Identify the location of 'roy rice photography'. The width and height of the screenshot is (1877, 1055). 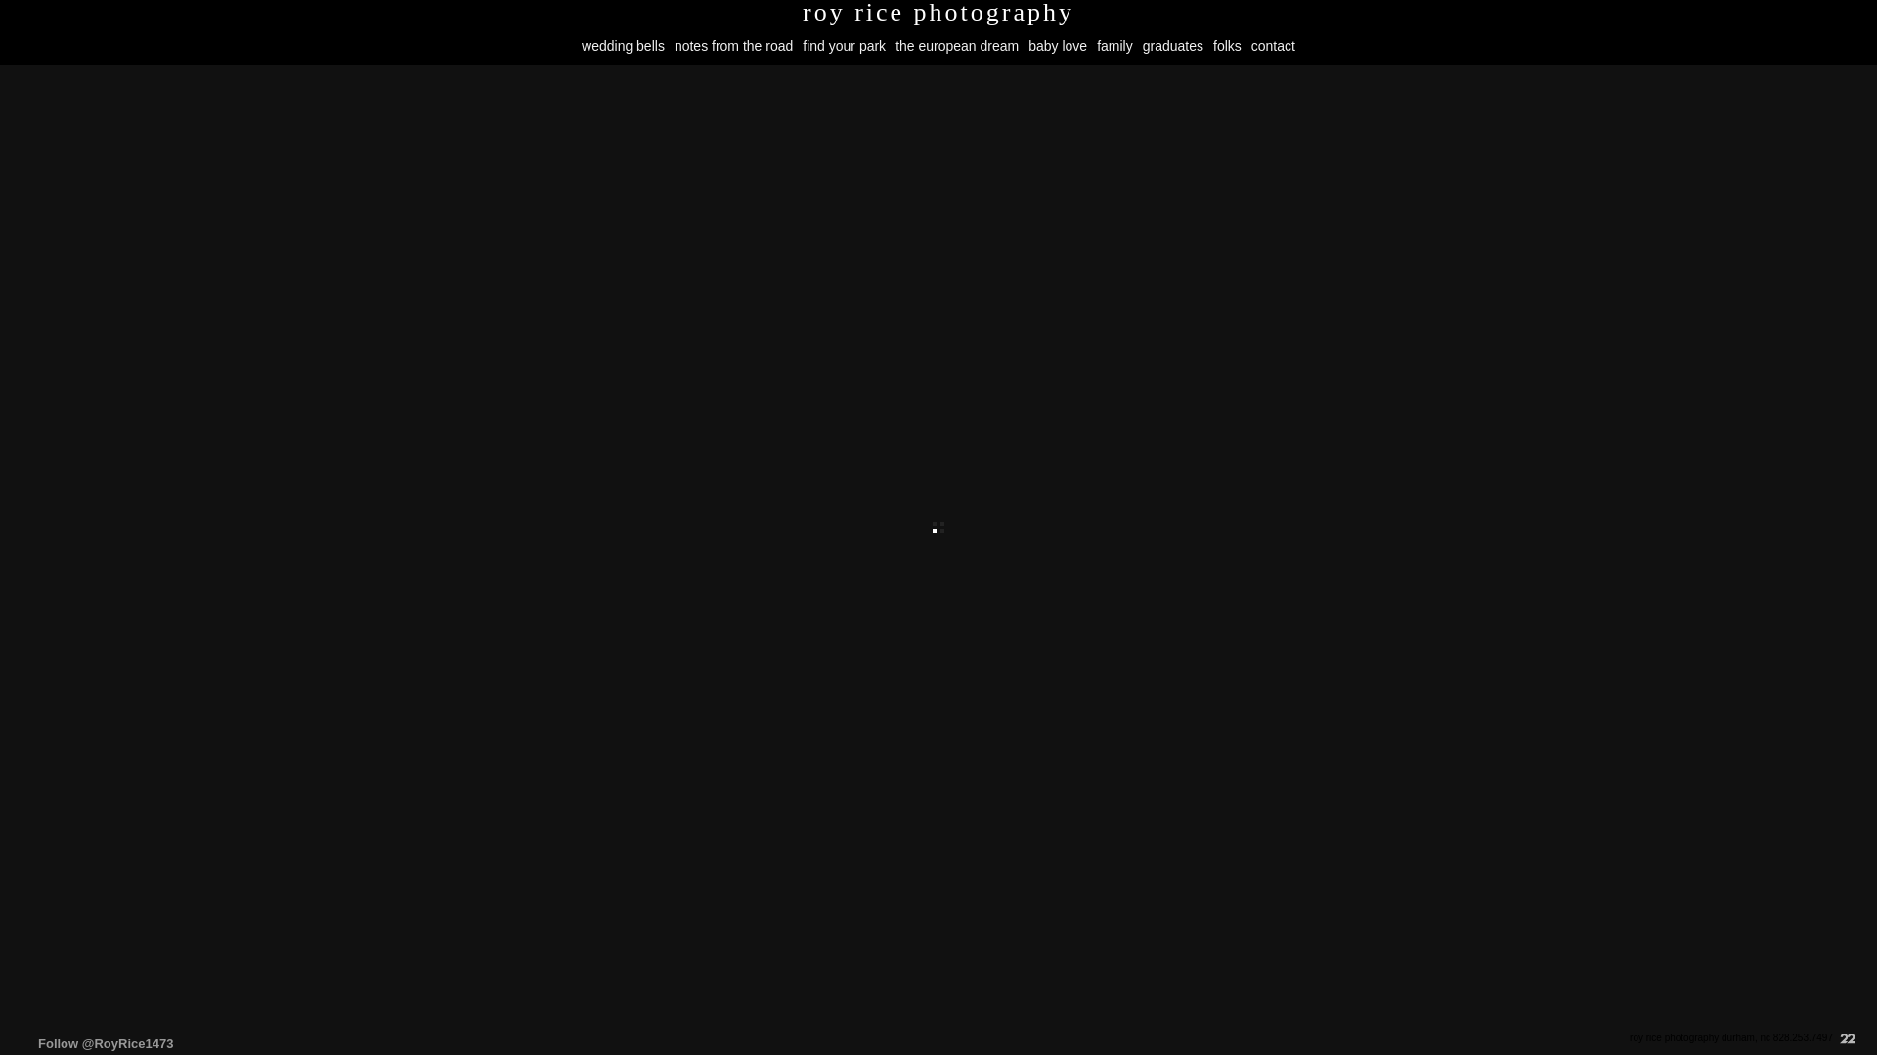
(938, 12).